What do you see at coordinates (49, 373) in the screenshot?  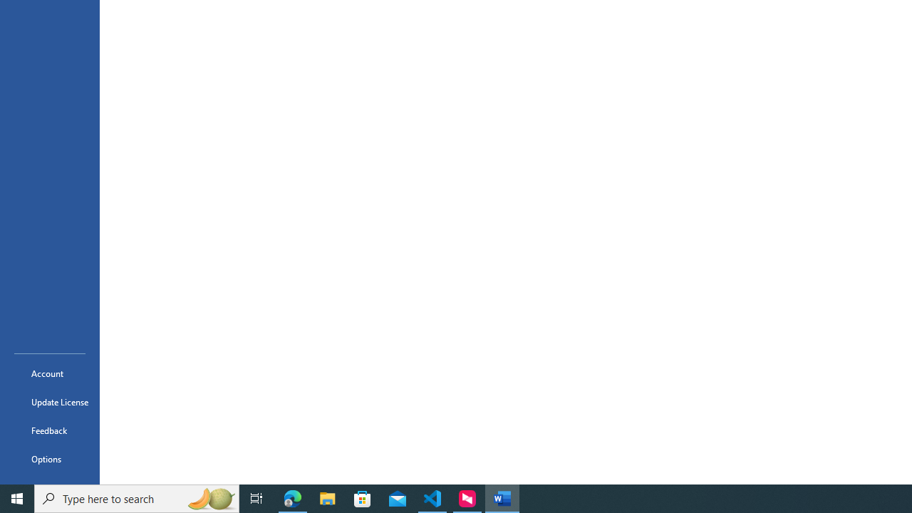 I see `'Account'` at bounding box center [49, 373].